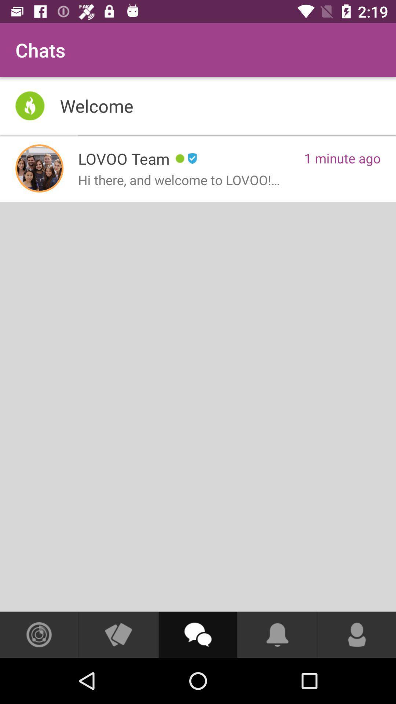 This screenshot has height=704, width=396. Describe the element at coordinates (197, 634) in the screenshot. I see `open chat` at that location.